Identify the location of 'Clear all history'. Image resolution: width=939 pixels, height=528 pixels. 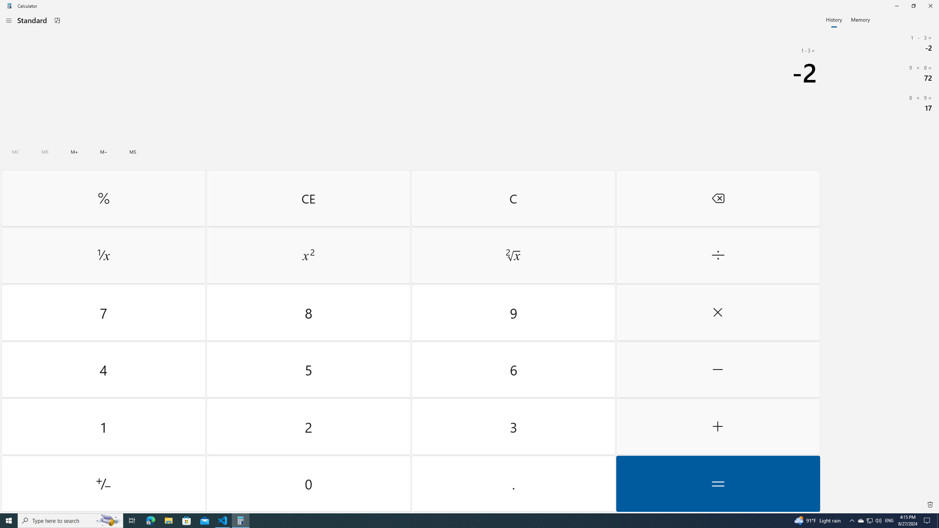
(930, 504).